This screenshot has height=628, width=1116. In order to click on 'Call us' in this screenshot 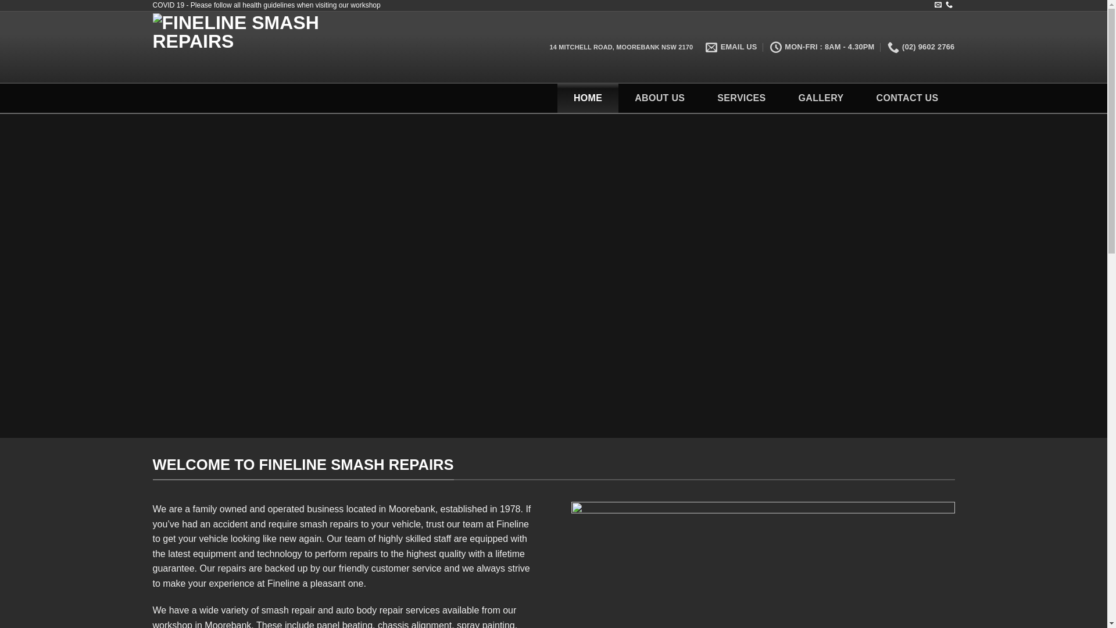, I will do `click(949, 5)`.